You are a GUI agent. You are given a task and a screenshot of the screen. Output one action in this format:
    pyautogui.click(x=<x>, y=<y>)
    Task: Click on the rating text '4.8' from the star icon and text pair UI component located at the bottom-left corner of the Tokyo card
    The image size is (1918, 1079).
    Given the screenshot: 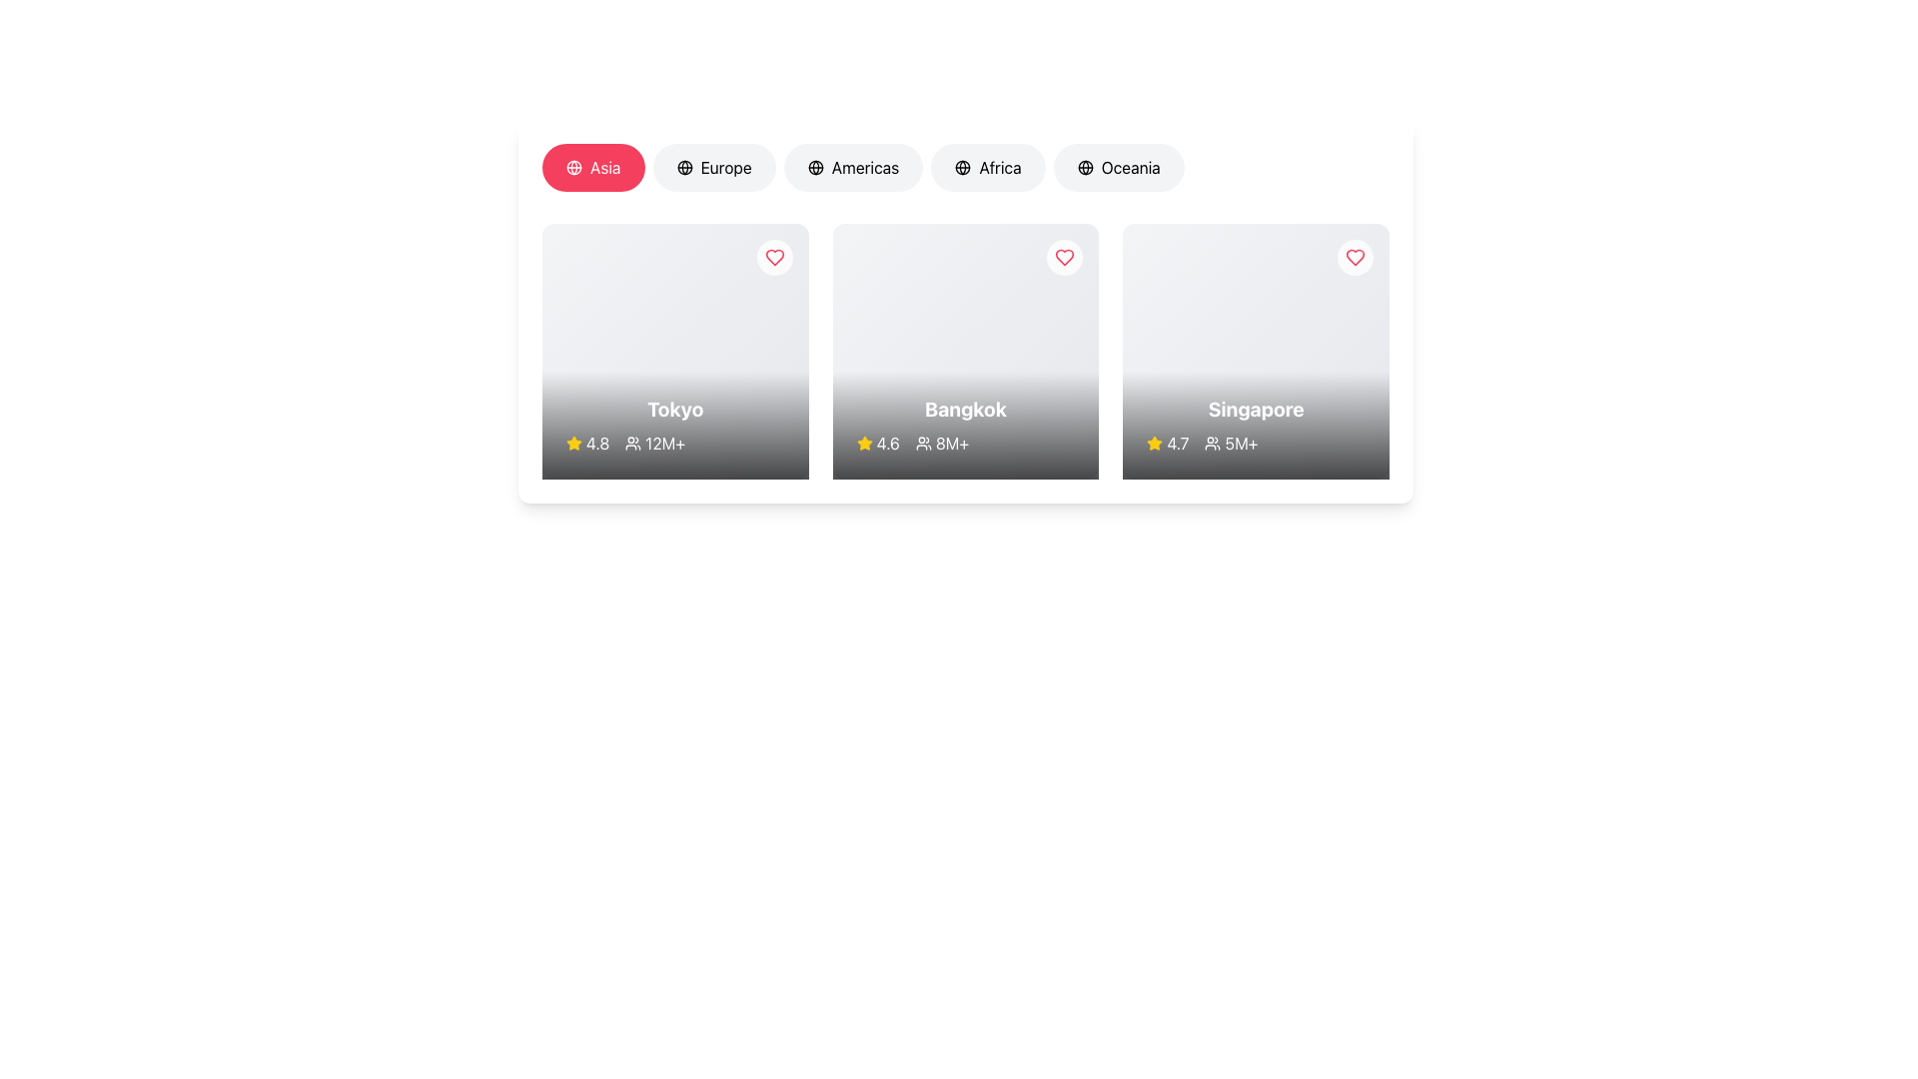 What is the action you would take?
    pyautogui.click(x=586, y=442)
    